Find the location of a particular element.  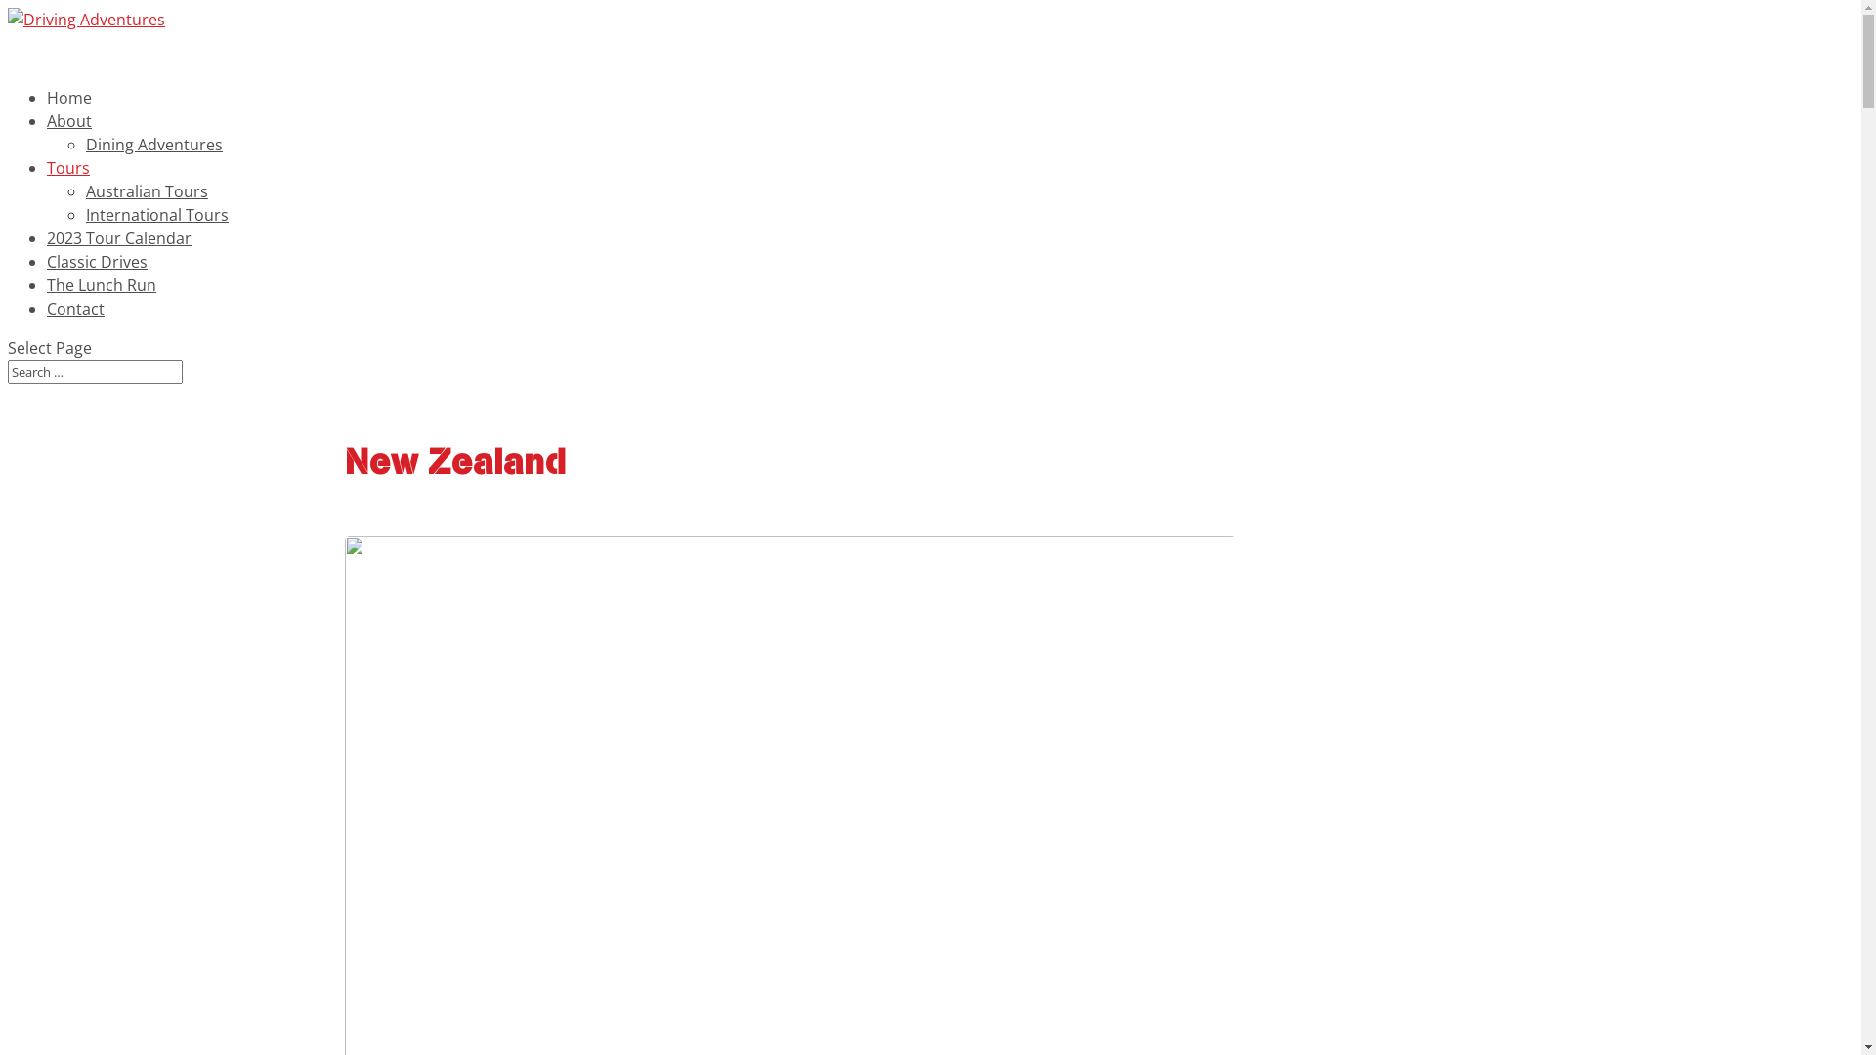

'Classic Drives' is located at coordinates (96, 281).